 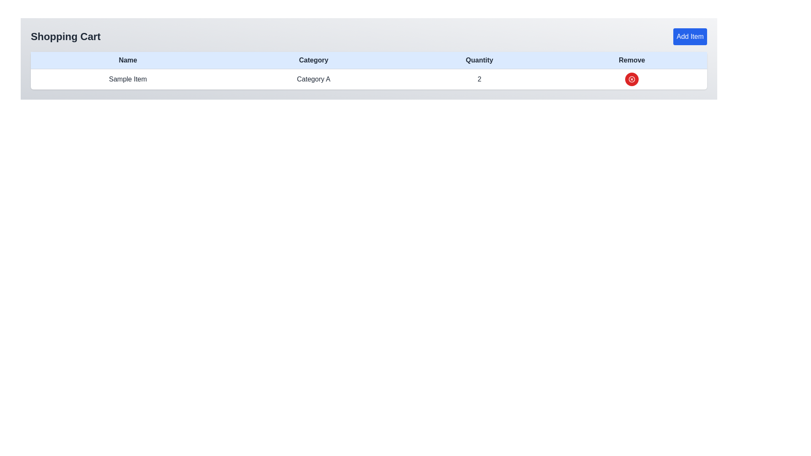 What do you see at coordinates (632, 79) in the screenshot?
I see `the red circular 'Remove' button located in the shopping cart interface, positioned in the 'Remove' column adjacent to the quantity value '2'` at bounding box center [632, 79].